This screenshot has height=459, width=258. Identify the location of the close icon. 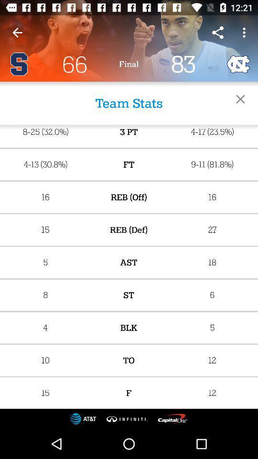
(240, 99).